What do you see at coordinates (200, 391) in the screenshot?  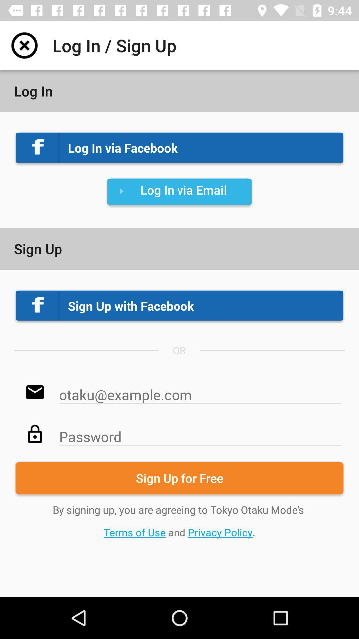 I see `email address` at bounding box center [200, 391].